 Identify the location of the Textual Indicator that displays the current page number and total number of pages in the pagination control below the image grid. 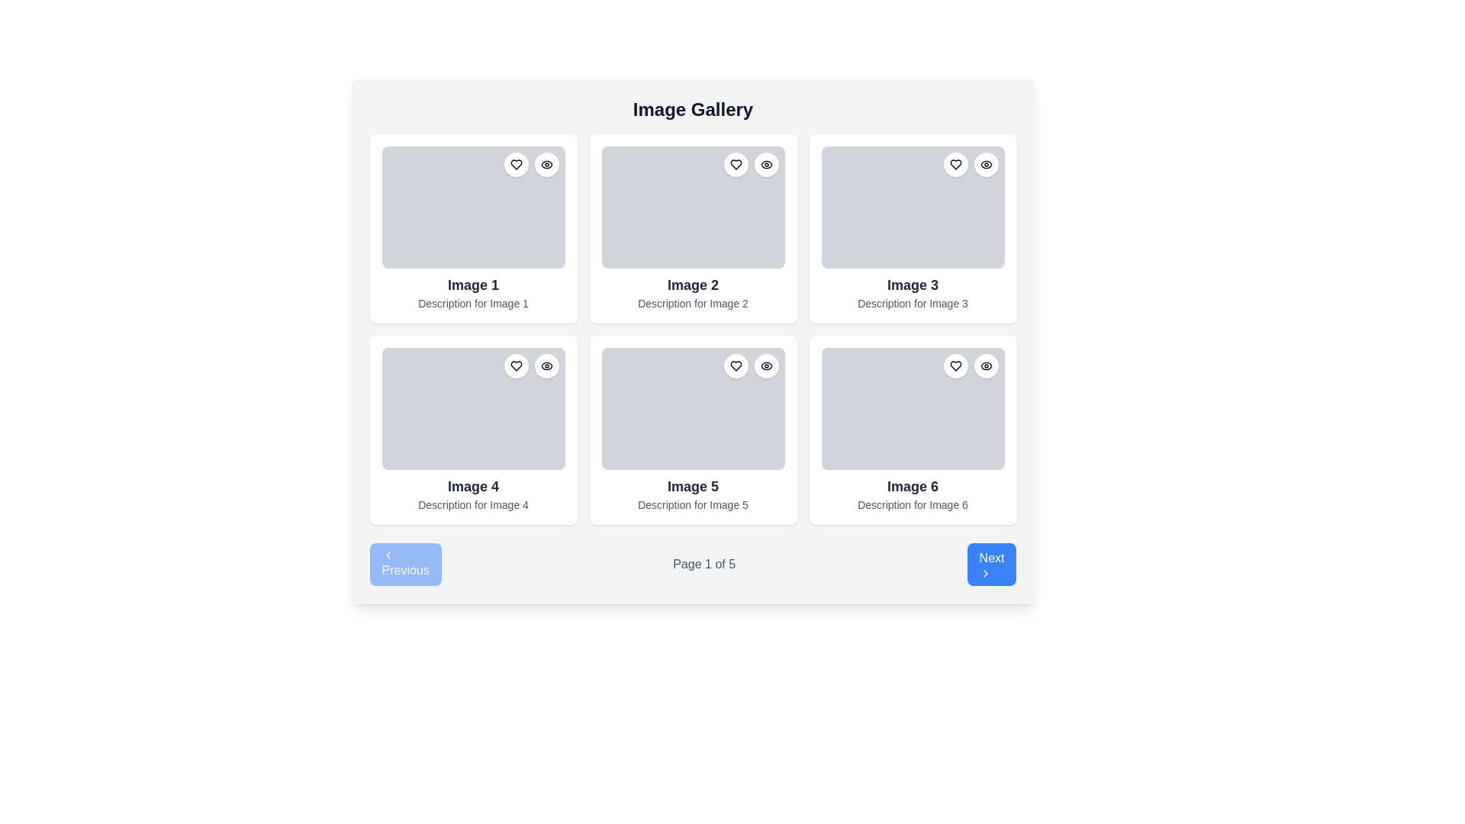
(704, 565).